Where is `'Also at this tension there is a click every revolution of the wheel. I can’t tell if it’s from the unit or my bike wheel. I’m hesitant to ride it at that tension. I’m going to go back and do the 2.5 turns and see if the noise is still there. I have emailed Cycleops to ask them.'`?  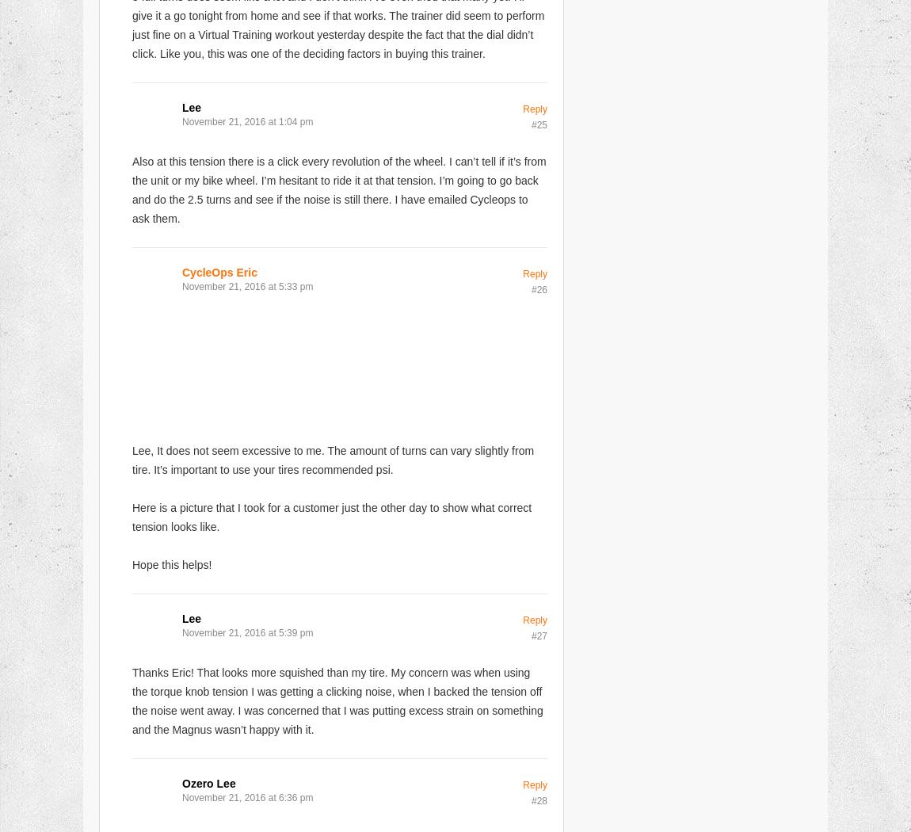
'Also at this tension there is a click every revolution of the wheel. I can’t tell if it’s from the unit or my bike wheel. I’m hesitant to ride it at that tension. I’m going to go back and do the 2.5 turns and see if the noise is still there. I have emailed Cycleops to ask them.' is located at coordinates (339, 189).